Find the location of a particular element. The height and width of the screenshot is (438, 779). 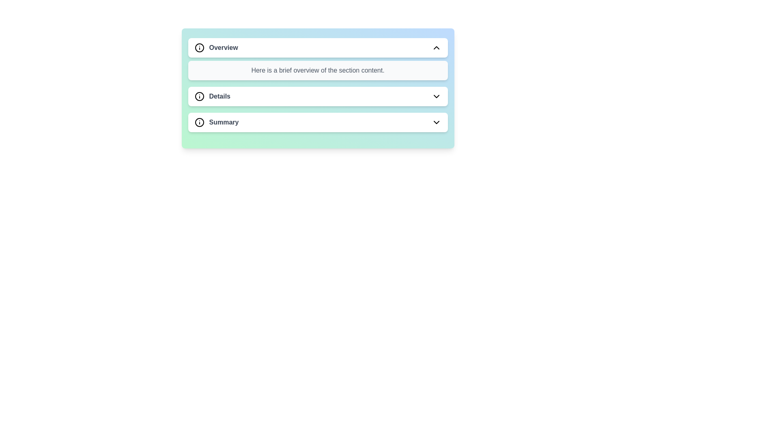

the circular icon with an 'i' symbol inside, which is positioned to the left of the text 'Details' is located at coordinates (199, 96).